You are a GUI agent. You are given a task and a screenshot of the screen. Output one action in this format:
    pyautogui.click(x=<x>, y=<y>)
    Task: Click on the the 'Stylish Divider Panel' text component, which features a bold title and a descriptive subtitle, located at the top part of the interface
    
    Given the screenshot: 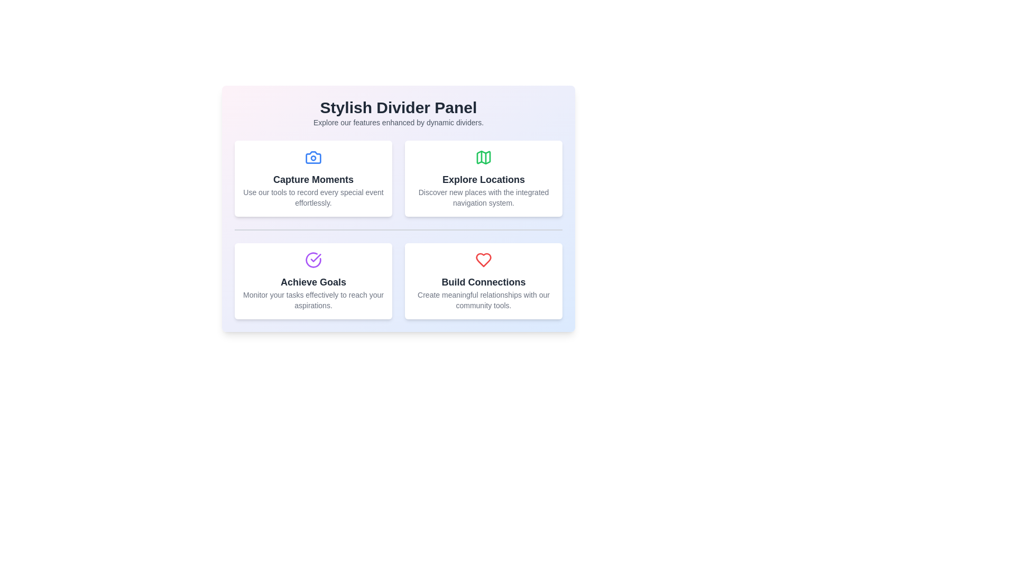 What is the action you would take?
    pyautogui.click(x=398, y=113)
    